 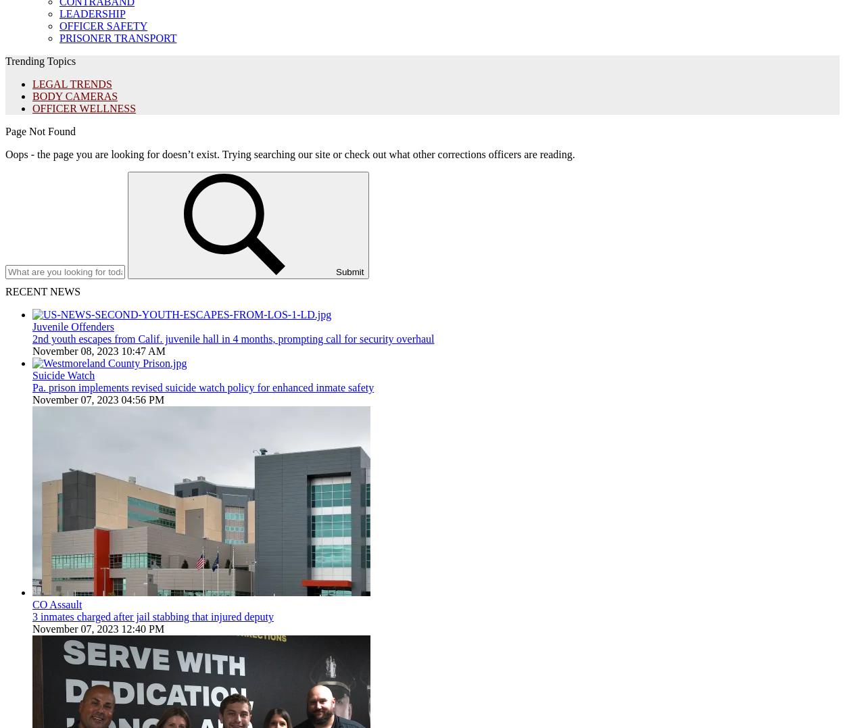 What do you see at coordinates (32, 375) in the screenshot?
I see `'Suicide Watch'` at bounding box center [32, 375].